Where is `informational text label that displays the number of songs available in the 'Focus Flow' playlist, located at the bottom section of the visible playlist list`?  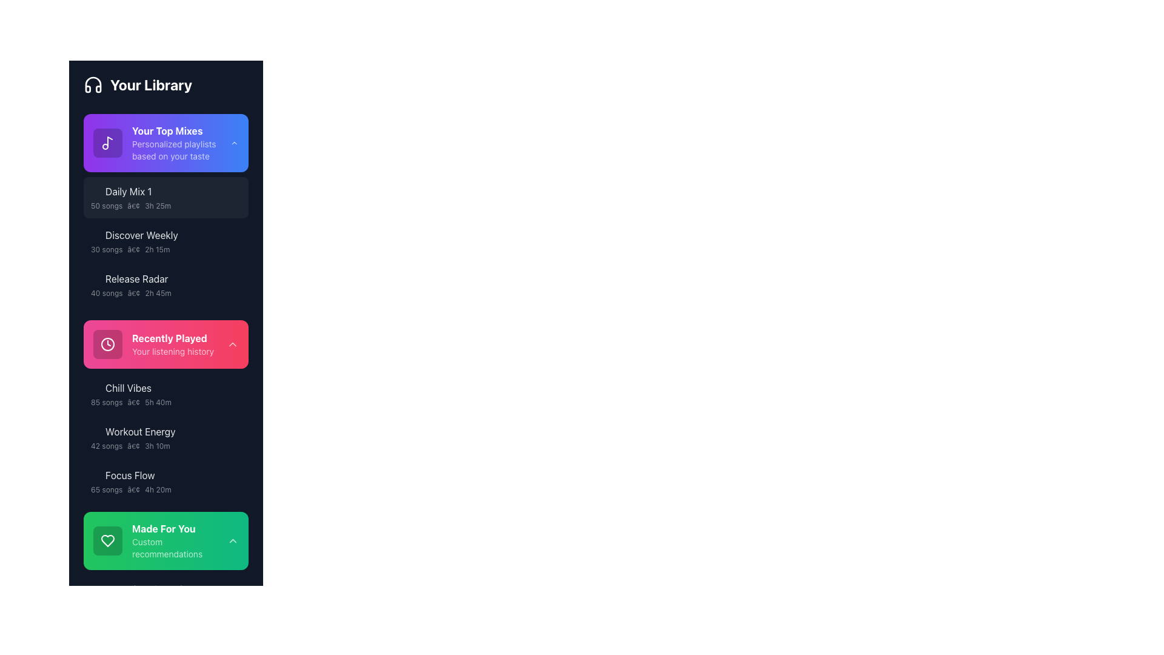 informational text label that displays the number of songs available in the 'Focus Flow' playlist, located at the bottom section of the visible playlist list is located at coordinates (107, 489).